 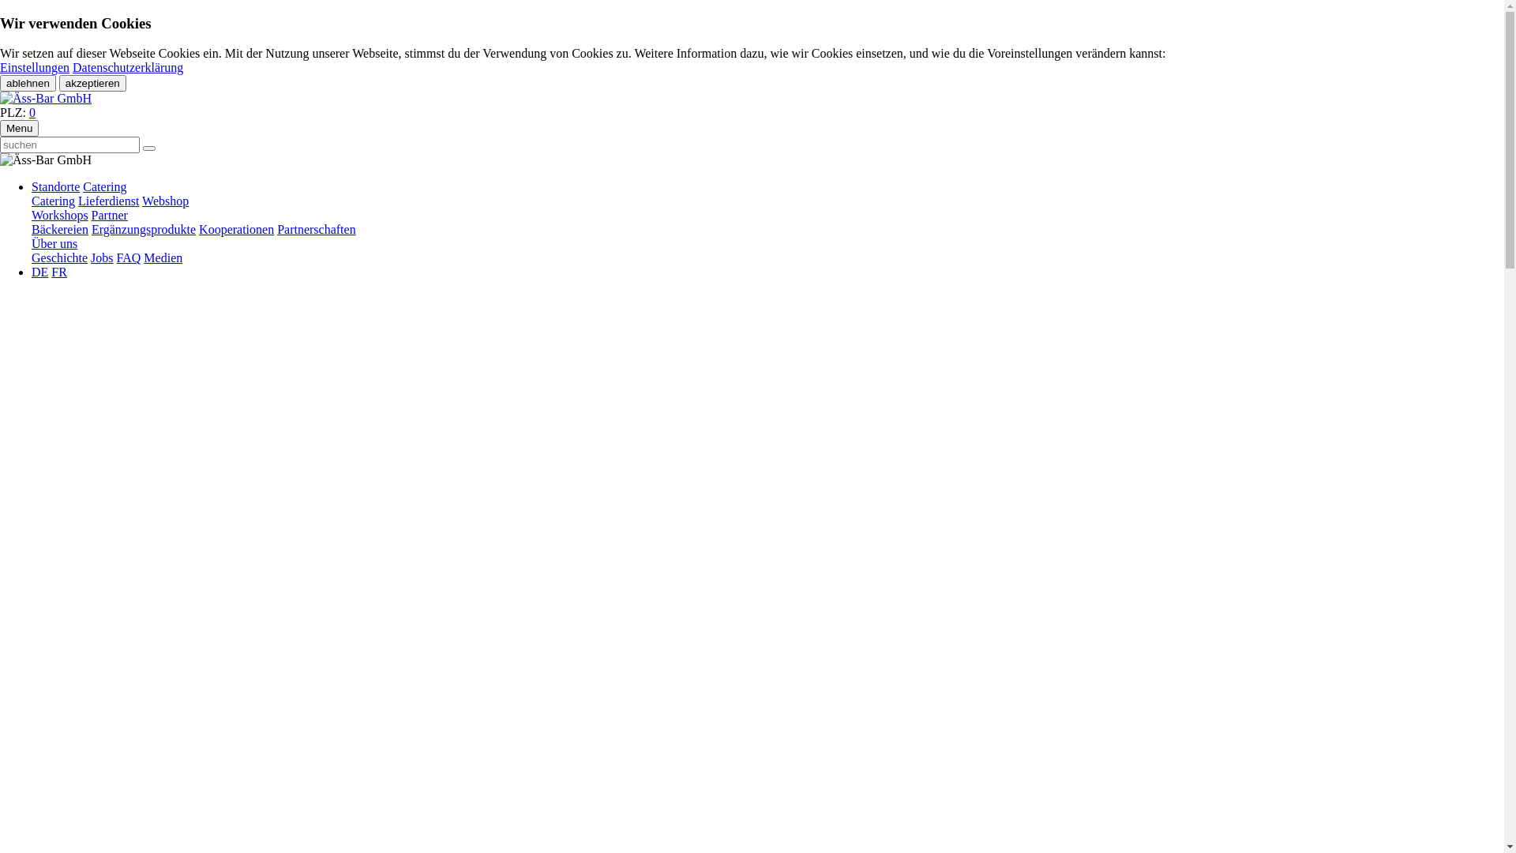 What do you see at coordinates (109, 215) in the screenshot?
I see `'Partner'` at bounding box center [109, 215].